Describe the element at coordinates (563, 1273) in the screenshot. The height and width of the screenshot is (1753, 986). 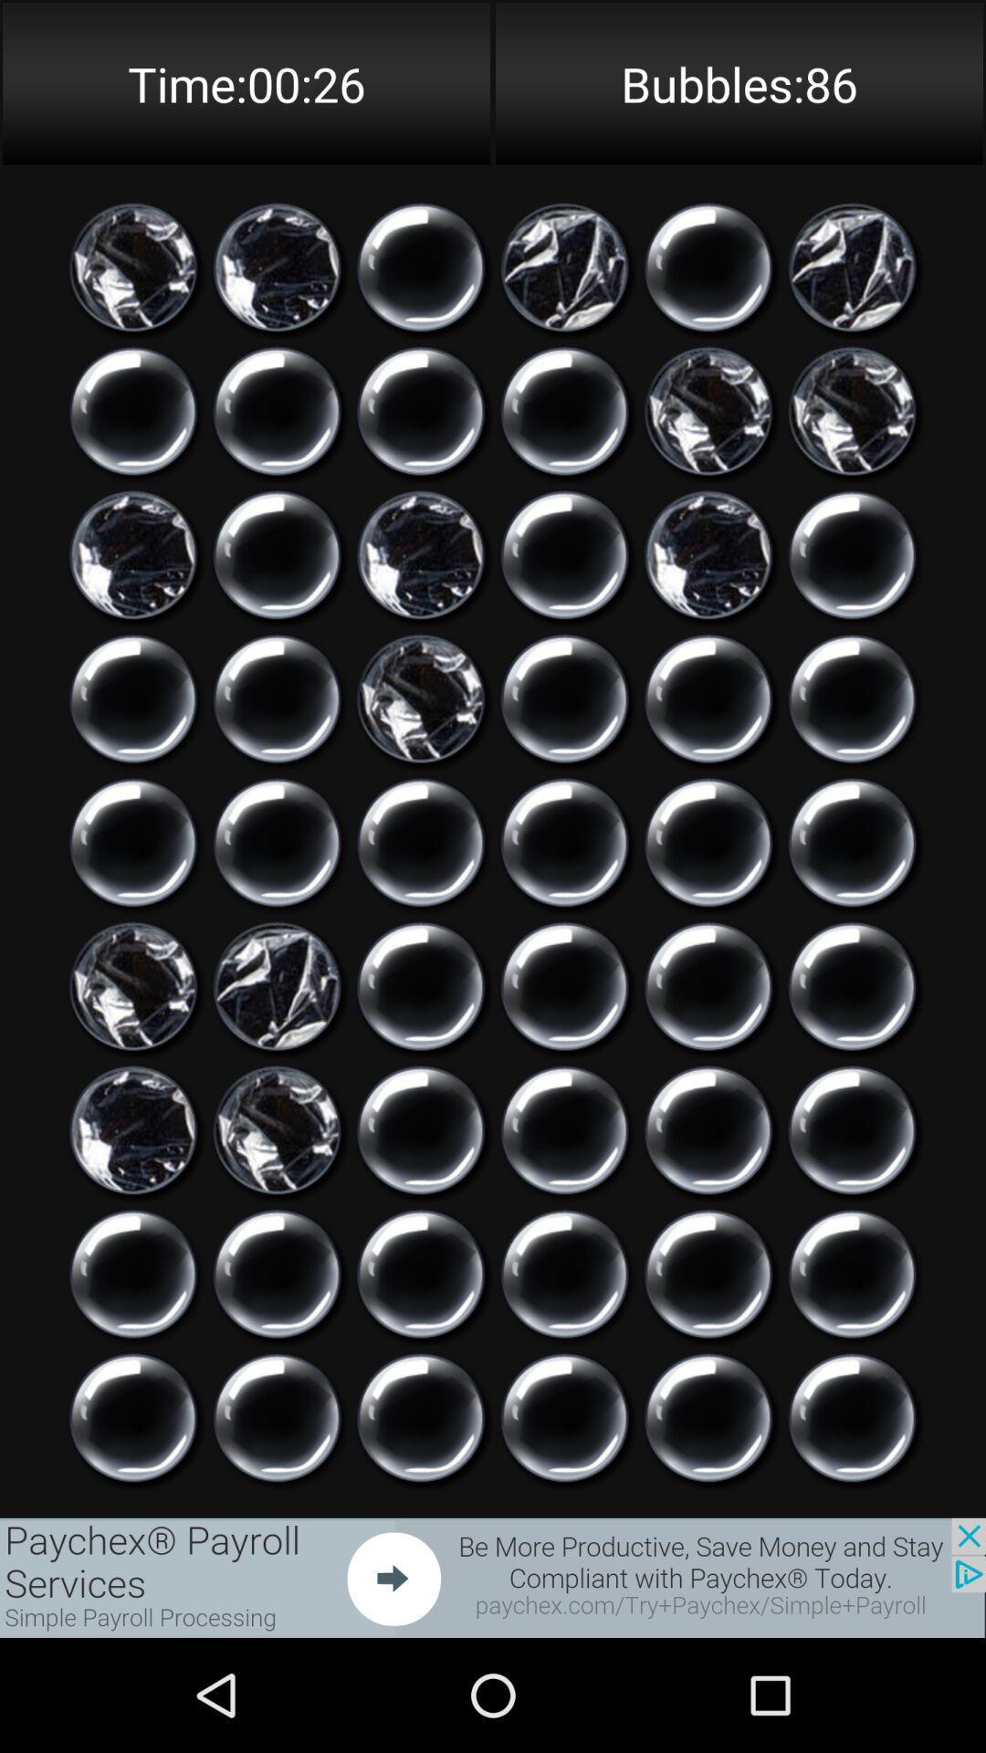
I see `click on icon` at that location.